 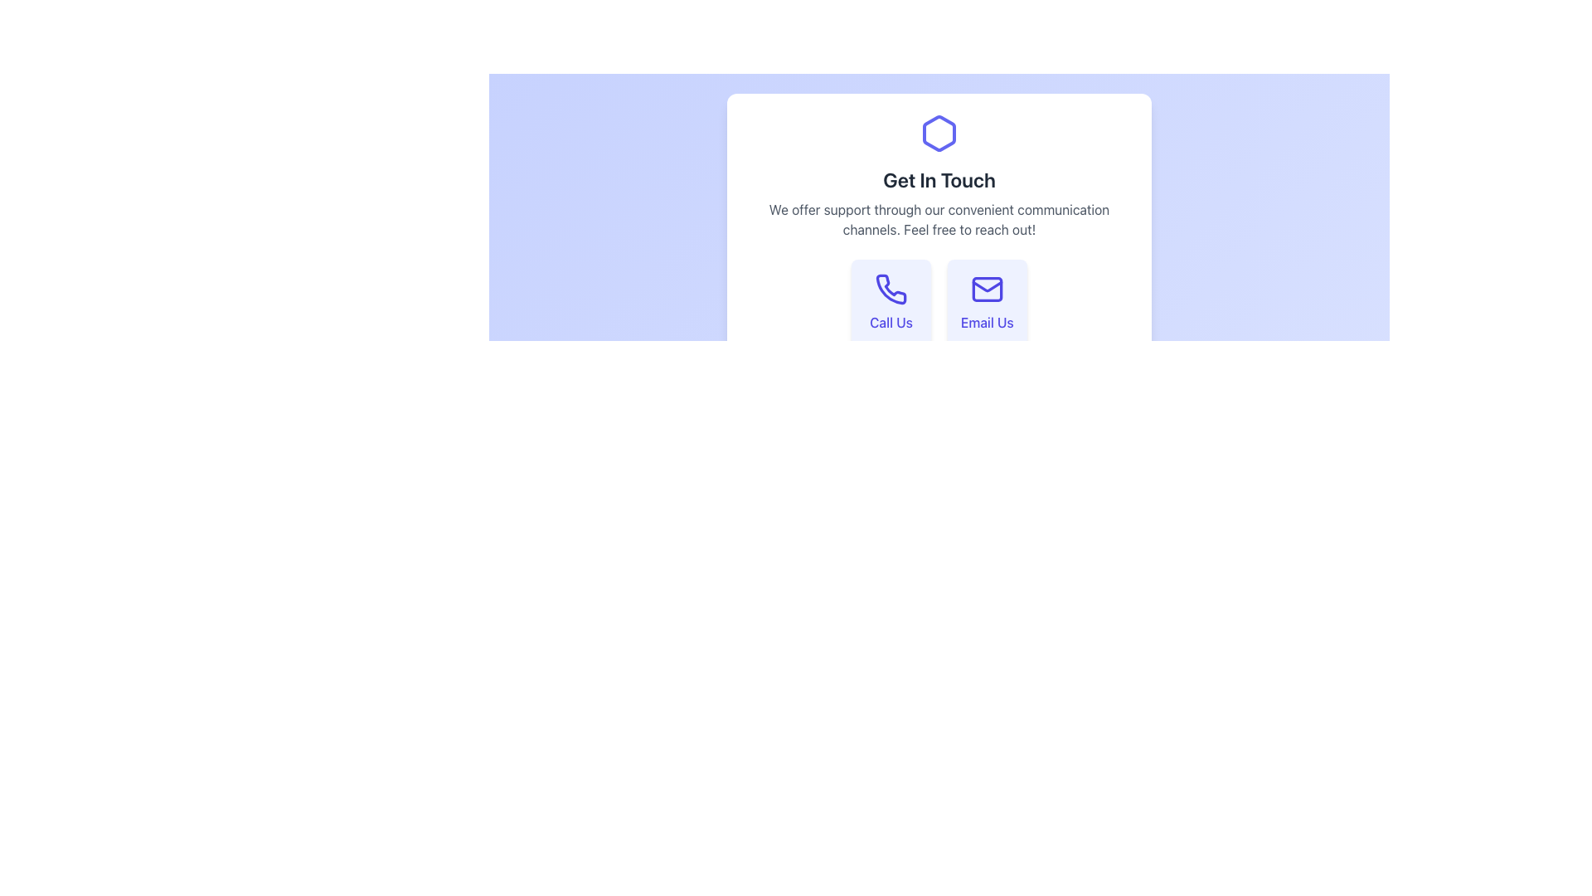 What do you see at coordinates (891, 288) in the screenshot?
I see `the phone receiver icon within the 'Call Us' button, which is outlined in indigo and positioned above the text` at bounding box center [891, 288].